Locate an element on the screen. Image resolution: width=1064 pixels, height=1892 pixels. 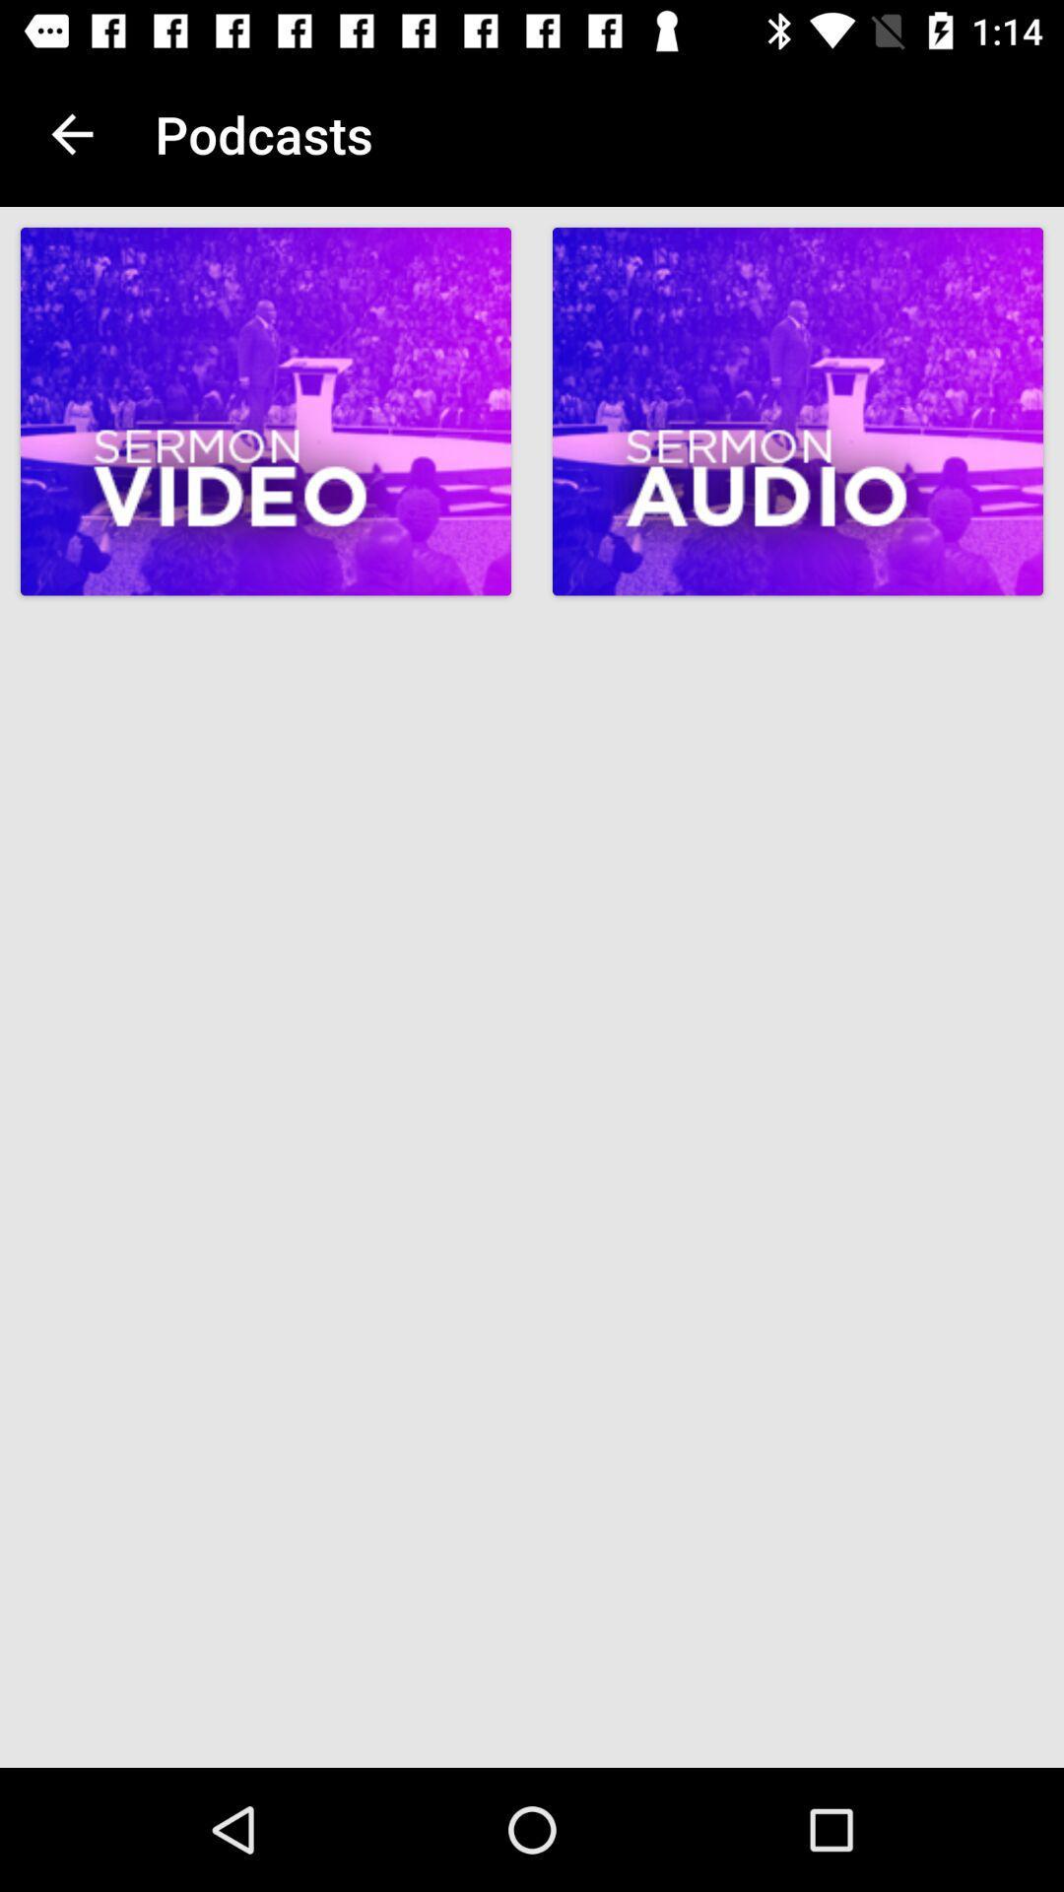
item next to podcasts item is located at coordinates (71, 133).